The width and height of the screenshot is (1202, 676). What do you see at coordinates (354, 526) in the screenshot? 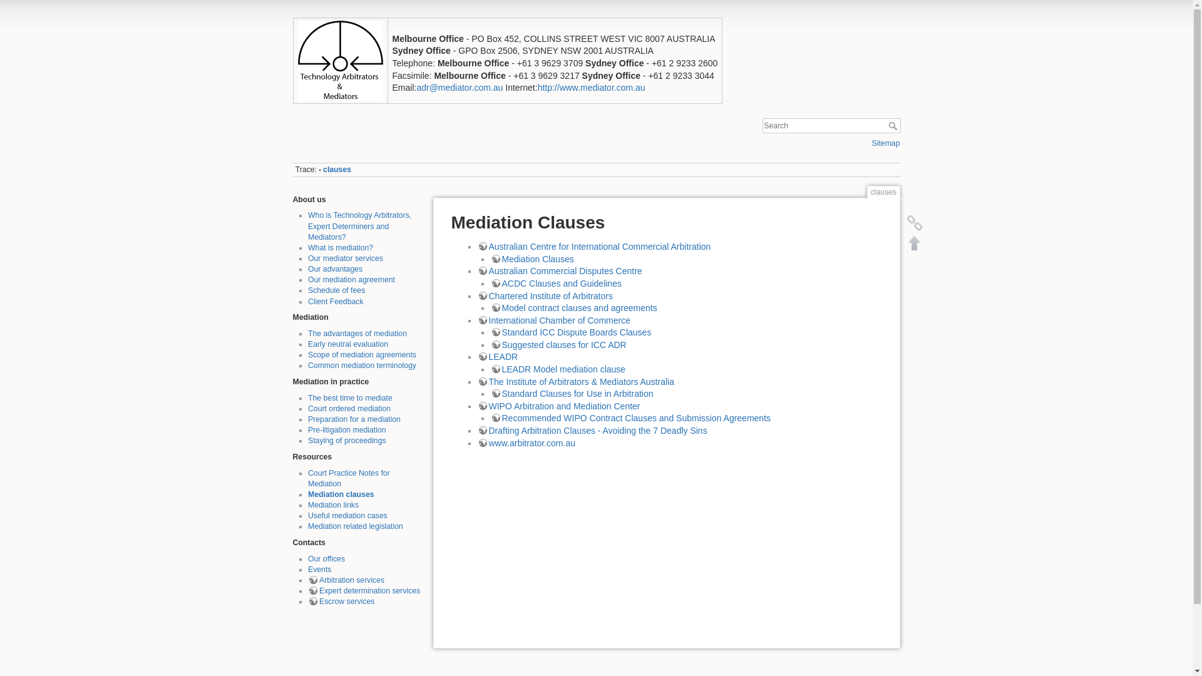
I see `'Mediation related legislation'` at bounding box center [354, 526].